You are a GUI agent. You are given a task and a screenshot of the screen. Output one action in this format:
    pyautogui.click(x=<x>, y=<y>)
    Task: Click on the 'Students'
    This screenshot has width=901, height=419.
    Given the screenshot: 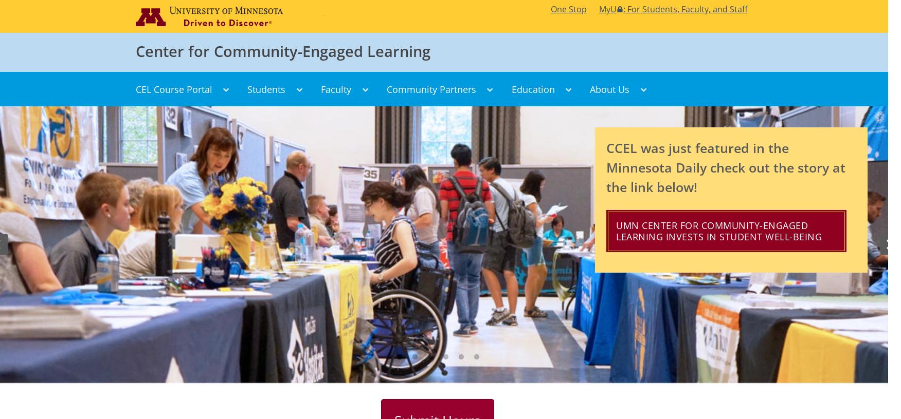 What is the action you would take?
    pyautogui.click(x=266, y=88)
    